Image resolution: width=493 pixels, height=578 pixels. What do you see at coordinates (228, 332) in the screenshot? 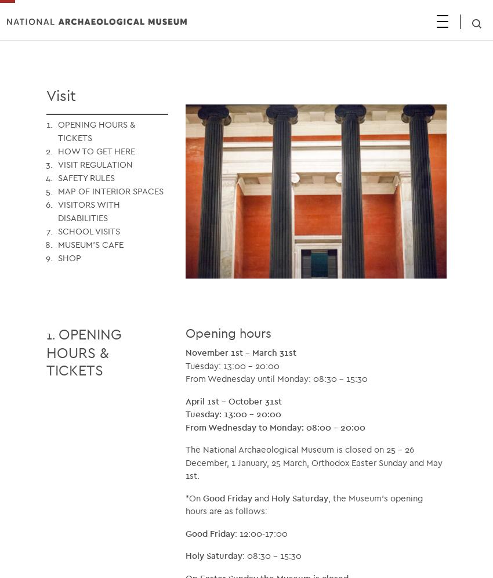
I see `'Opening hours'` at bounding box center [228, 332].